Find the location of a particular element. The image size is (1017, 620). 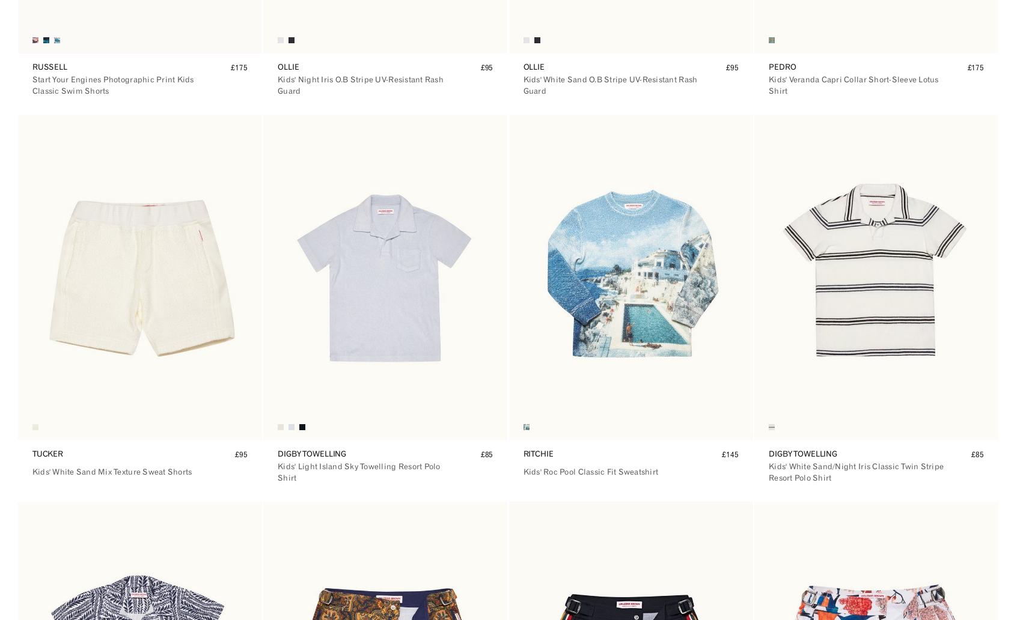

'Kids' Night Iris O.B Stripe UV-Resistant Rash Guard' is located at coordinates (276, 84).